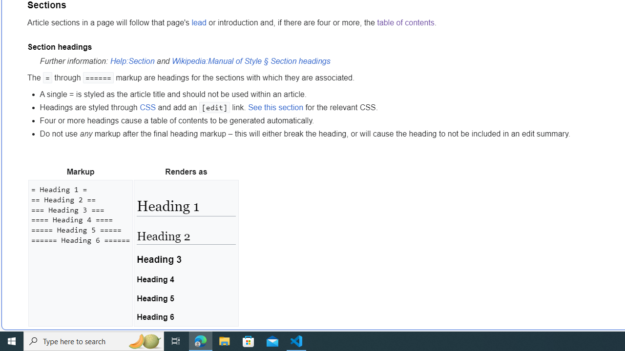 The image size is (625, 351). What do you see at coordinates (81, 172) in the screenshot?
I see `'Markup'` at bounding box center [81, 172].